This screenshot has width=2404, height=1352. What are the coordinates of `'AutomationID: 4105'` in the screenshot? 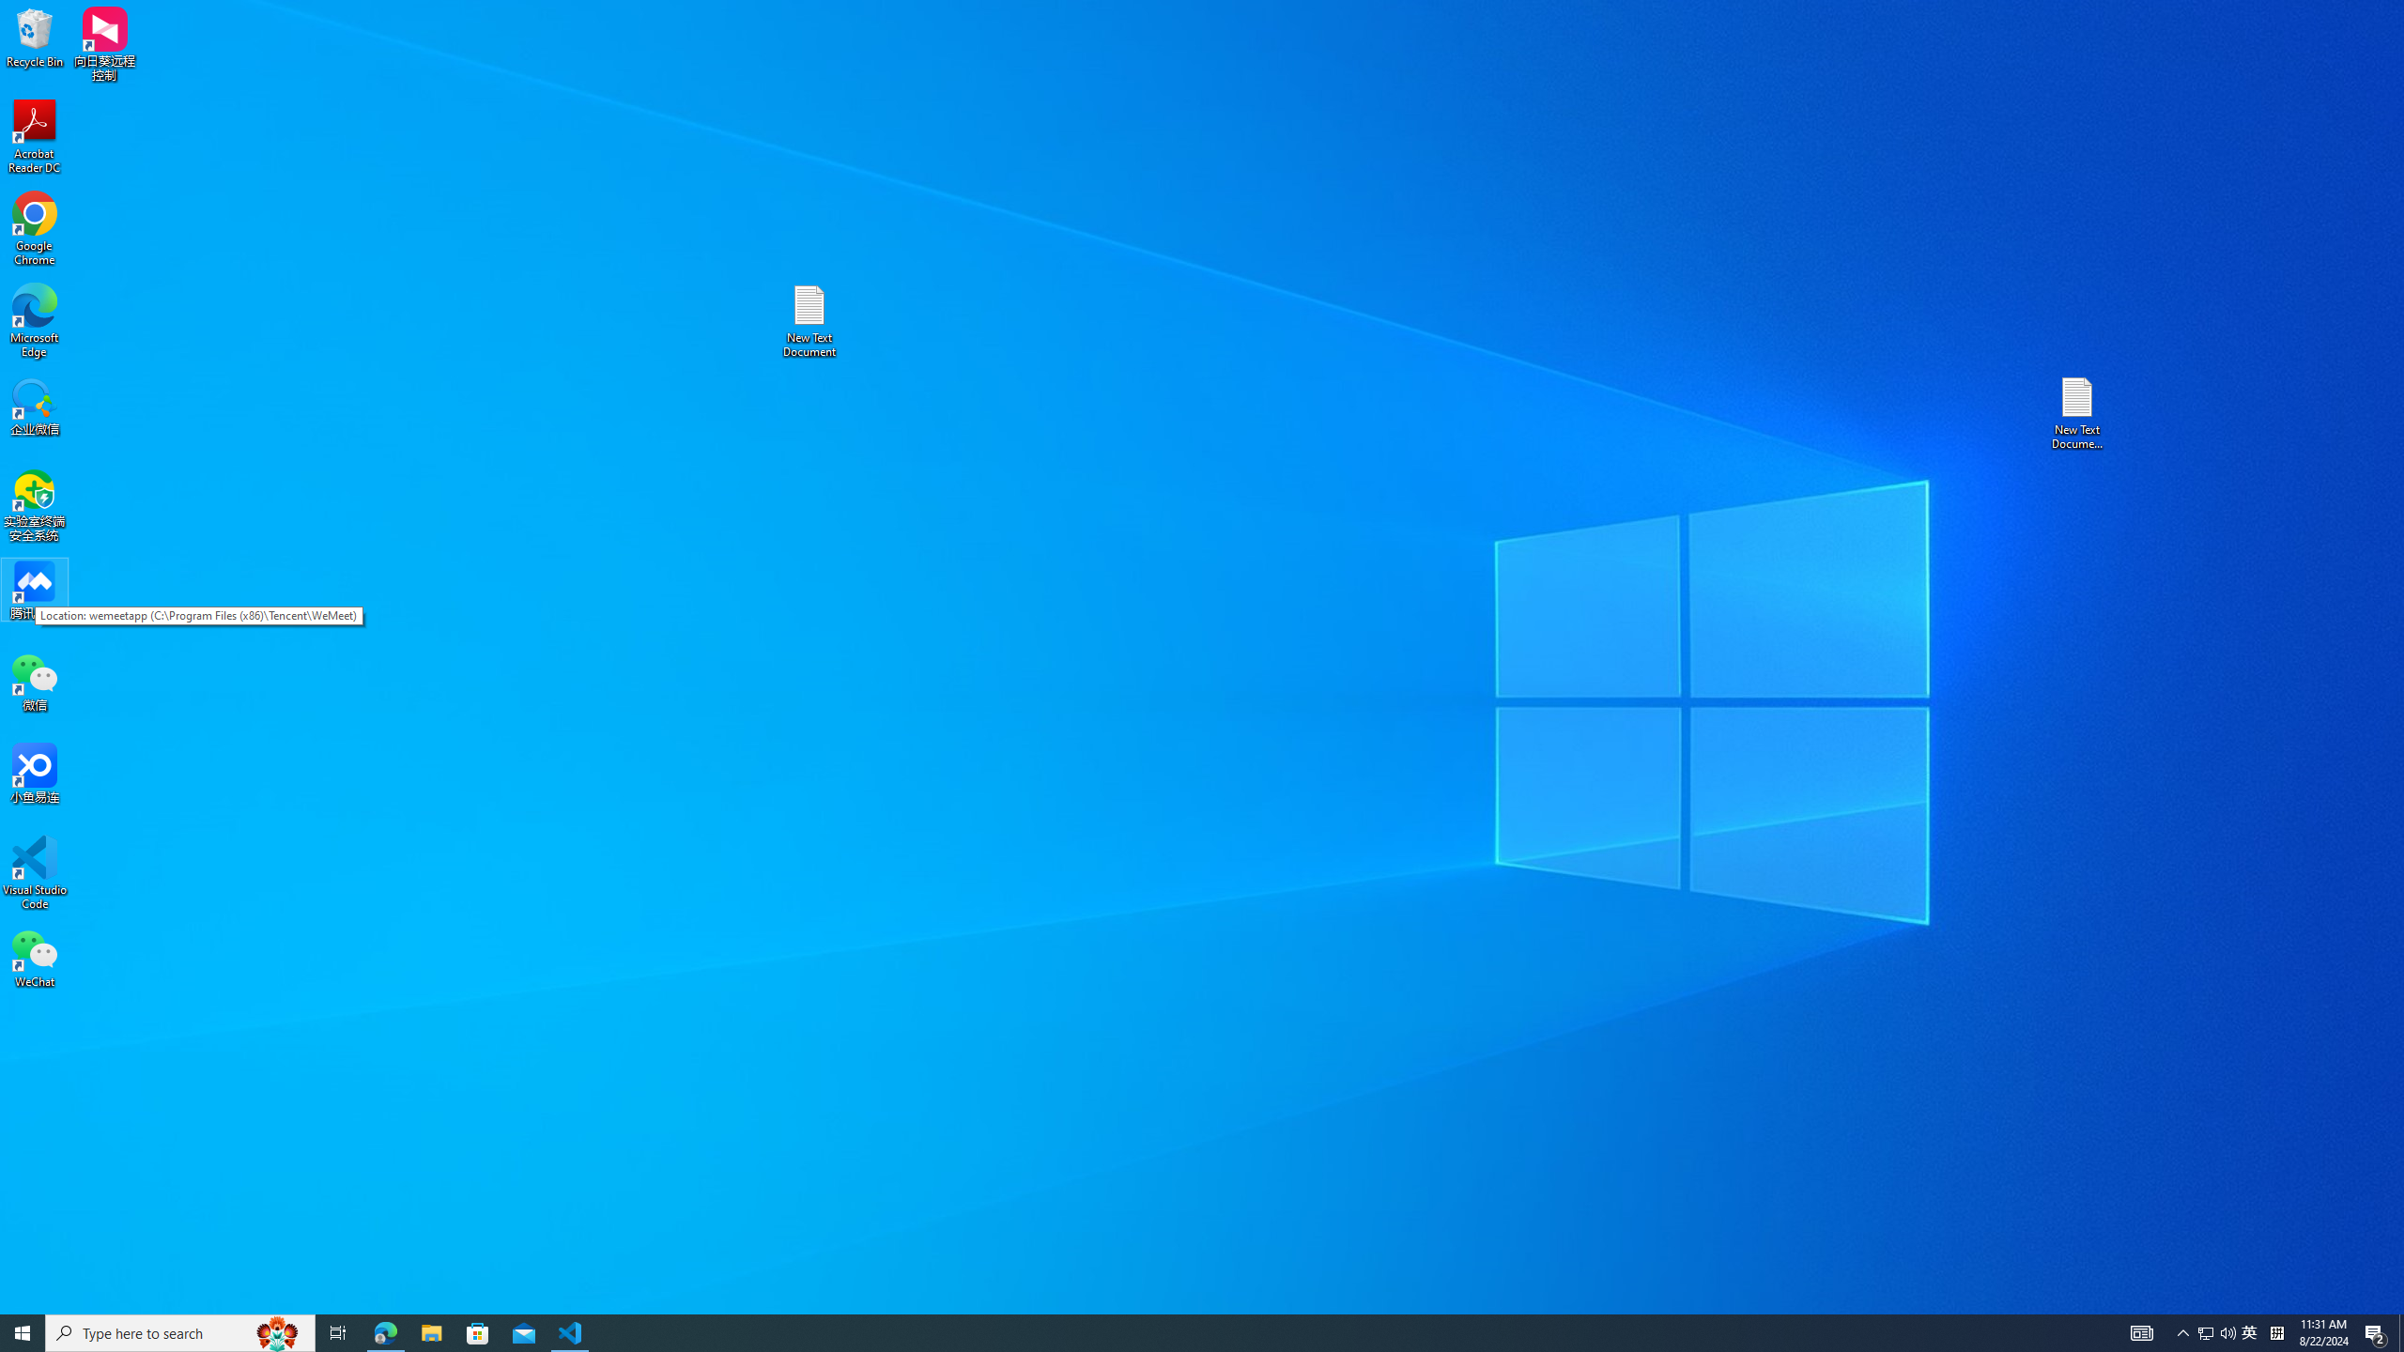 It's located at (2140, 1331).